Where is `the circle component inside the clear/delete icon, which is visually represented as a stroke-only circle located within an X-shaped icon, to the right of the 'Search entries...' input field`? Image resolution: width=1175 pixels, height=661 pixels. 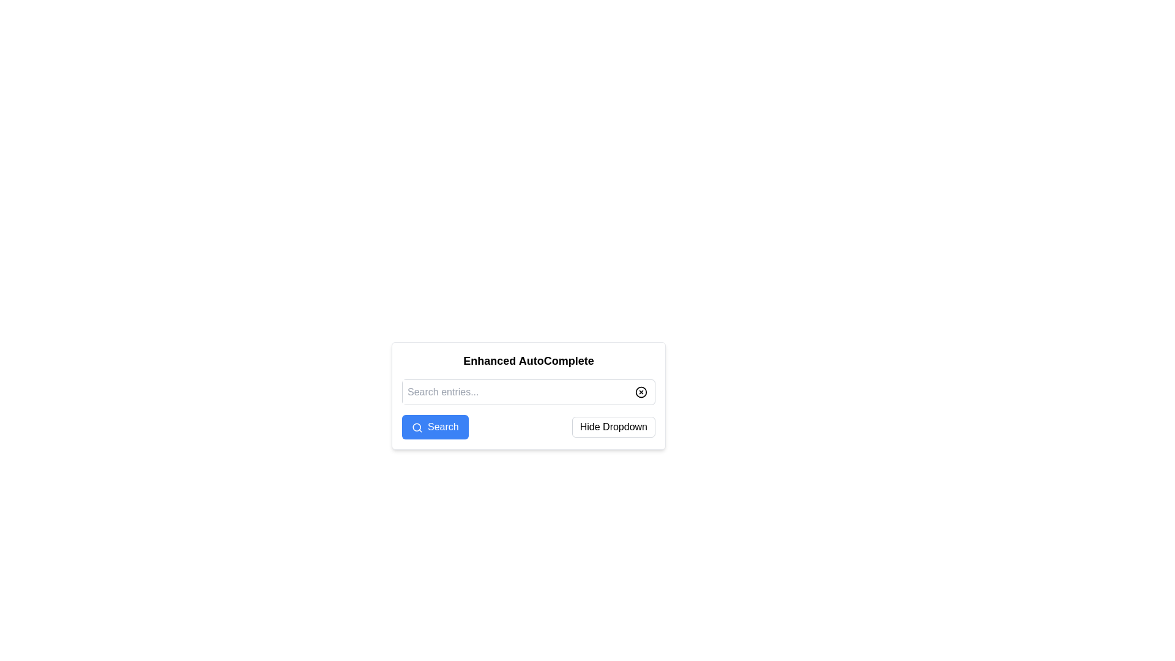
the circle component inside the clear/delete icon, which is visually represented as a stroke-only circle located within an X-shaped icon, to the right of the 'Search entries...' input field is located at coordinates (640, 392).